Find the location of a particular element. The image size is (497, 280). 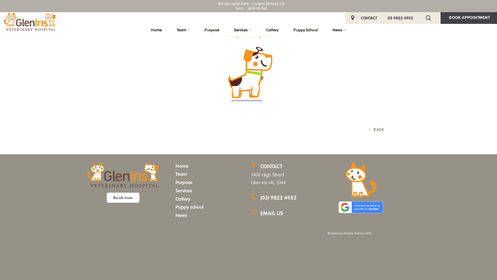

'Team' is located at coordinates (181, 174).